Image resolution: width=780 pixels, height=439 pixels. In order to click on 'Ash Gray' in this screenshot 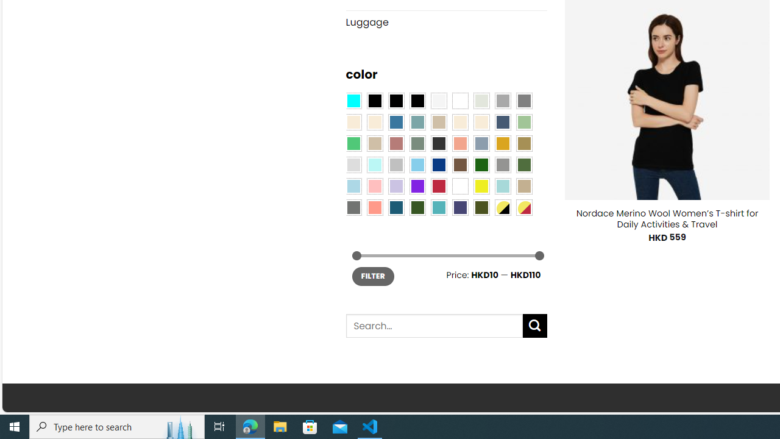, I will do `click(480, 99)`.